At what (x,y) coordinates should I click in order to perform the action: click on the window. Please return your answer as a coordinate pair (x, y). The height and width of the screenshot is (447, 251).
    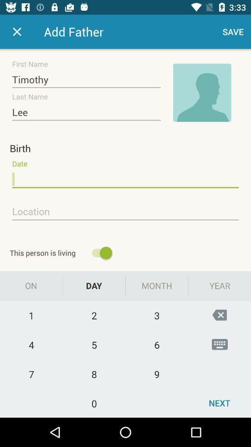
    Looking at the image, I should click on (17, 32).